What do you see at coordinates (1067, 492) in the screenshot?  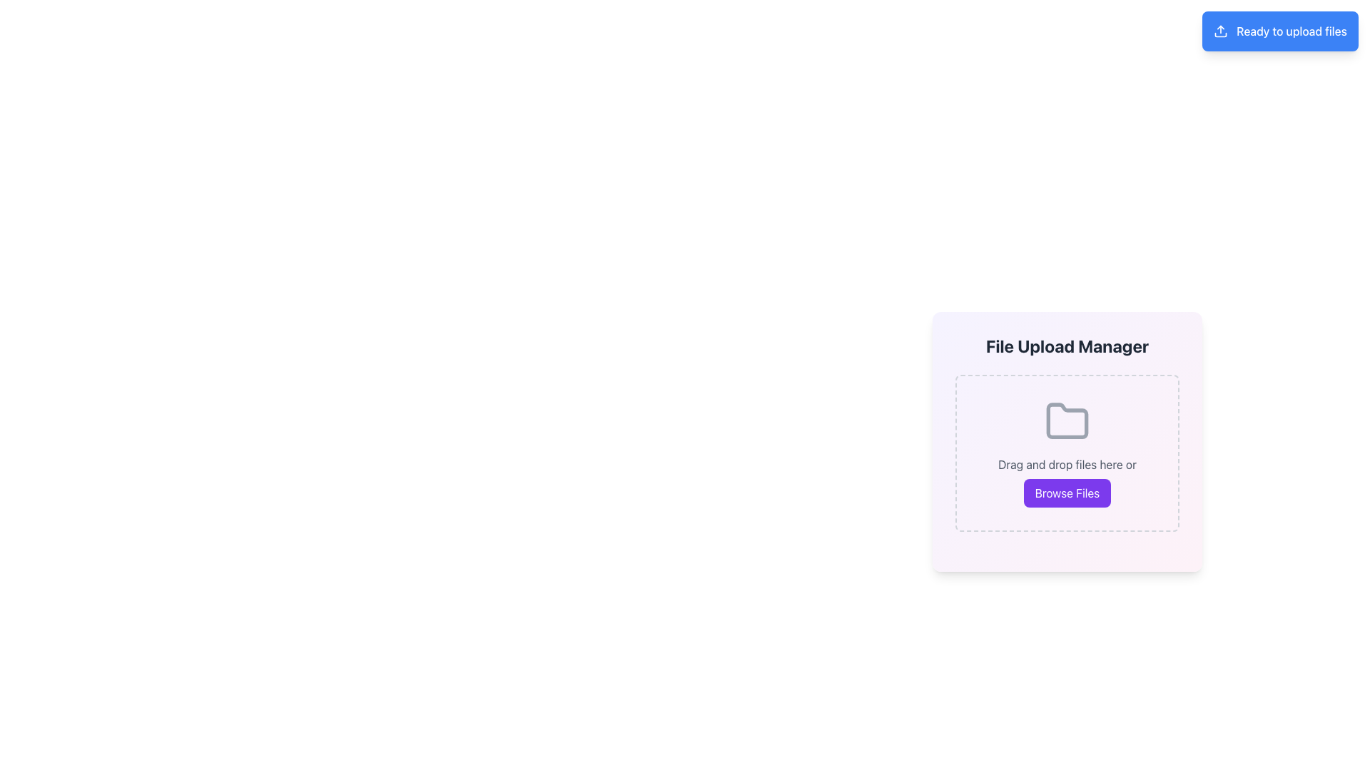 I see `the button located in the 'File Upload Manager' section, which is within a dashed-bordered, rounded rectangular area labeled 'Drag and drop files here or Browse Files'` at bounding box center [1067, 492].